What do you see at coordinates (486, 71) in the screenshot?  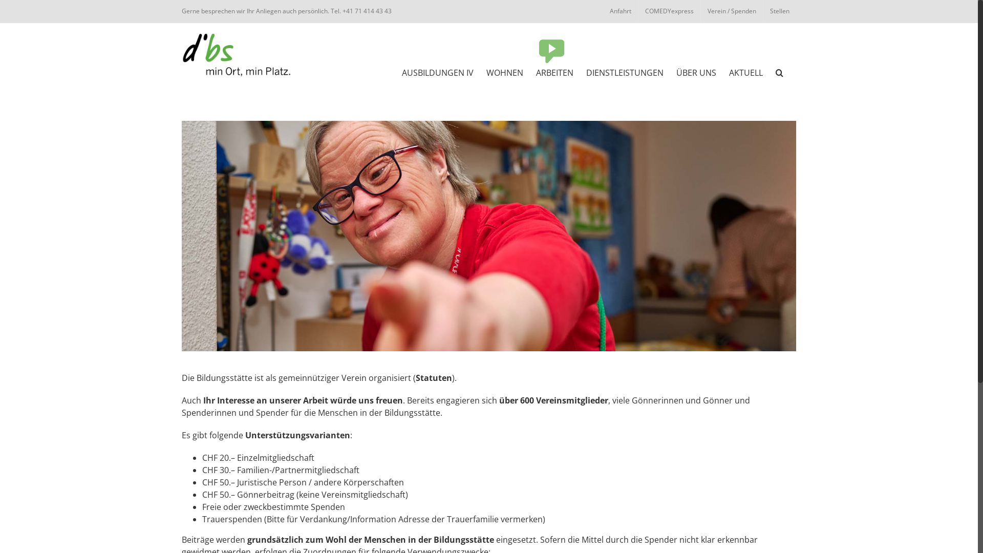 I see `'WOHNEN'` at bounding box center [486, 71].